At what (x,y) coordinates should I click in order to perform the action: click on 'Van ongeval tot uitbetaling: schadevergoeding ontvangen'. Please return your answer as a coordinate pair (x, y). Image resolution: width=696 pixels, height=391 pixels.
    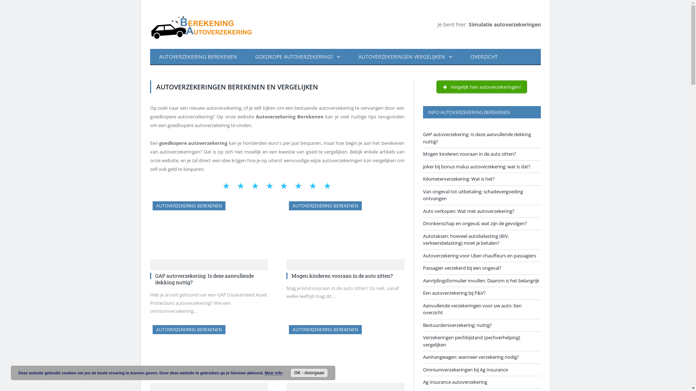
    Looking at the image, I should click on (473, 195).